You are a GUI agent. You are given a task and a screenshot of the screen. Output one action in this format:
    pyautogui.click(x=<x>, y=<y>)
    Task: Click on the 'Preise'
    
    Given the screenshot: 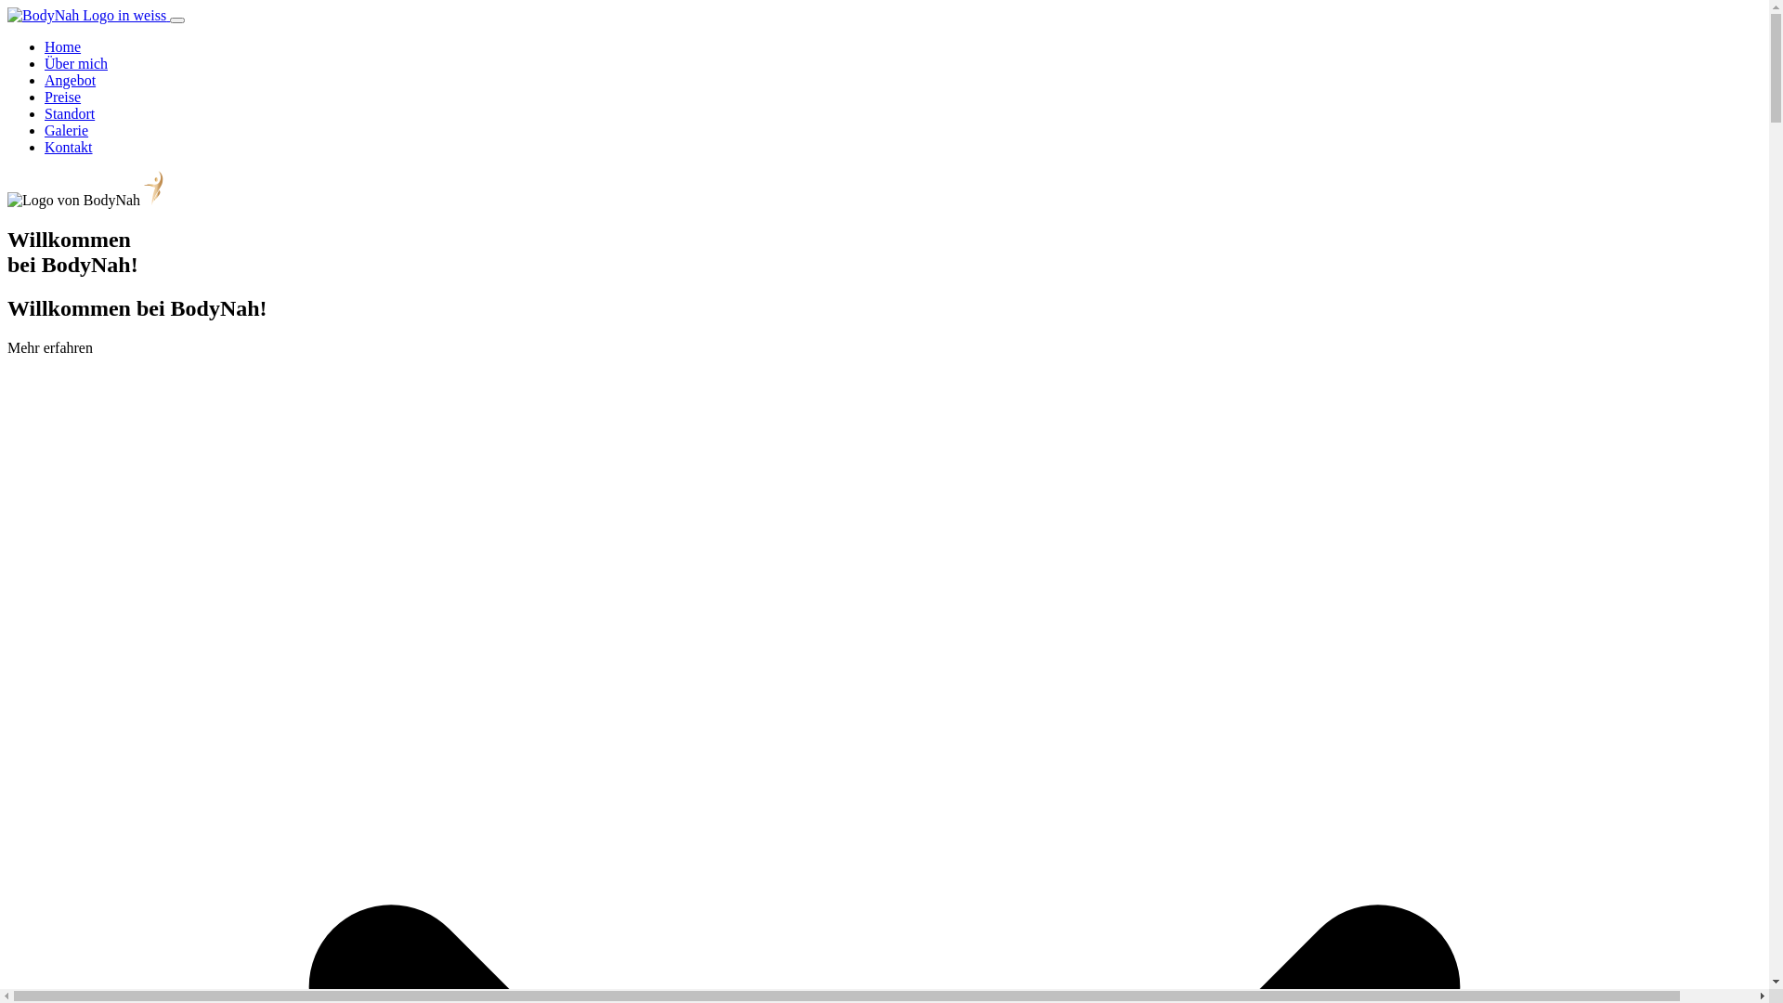 What is the action you would take?
    pyautogui.click(x=62, y=97)
    